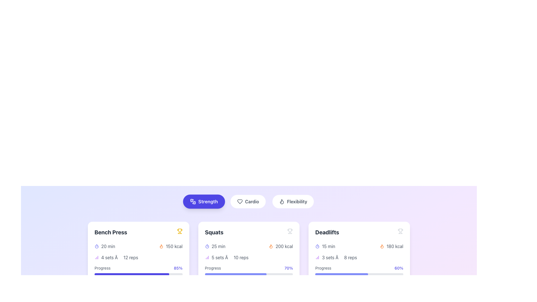 This screenshot has height=302, width=537. I want to click on the 'Progress' bar indicating 'Deadlifts' progress at 60%, located below the 'Deadlifts' title in the third card from the left, so click(359, 274).